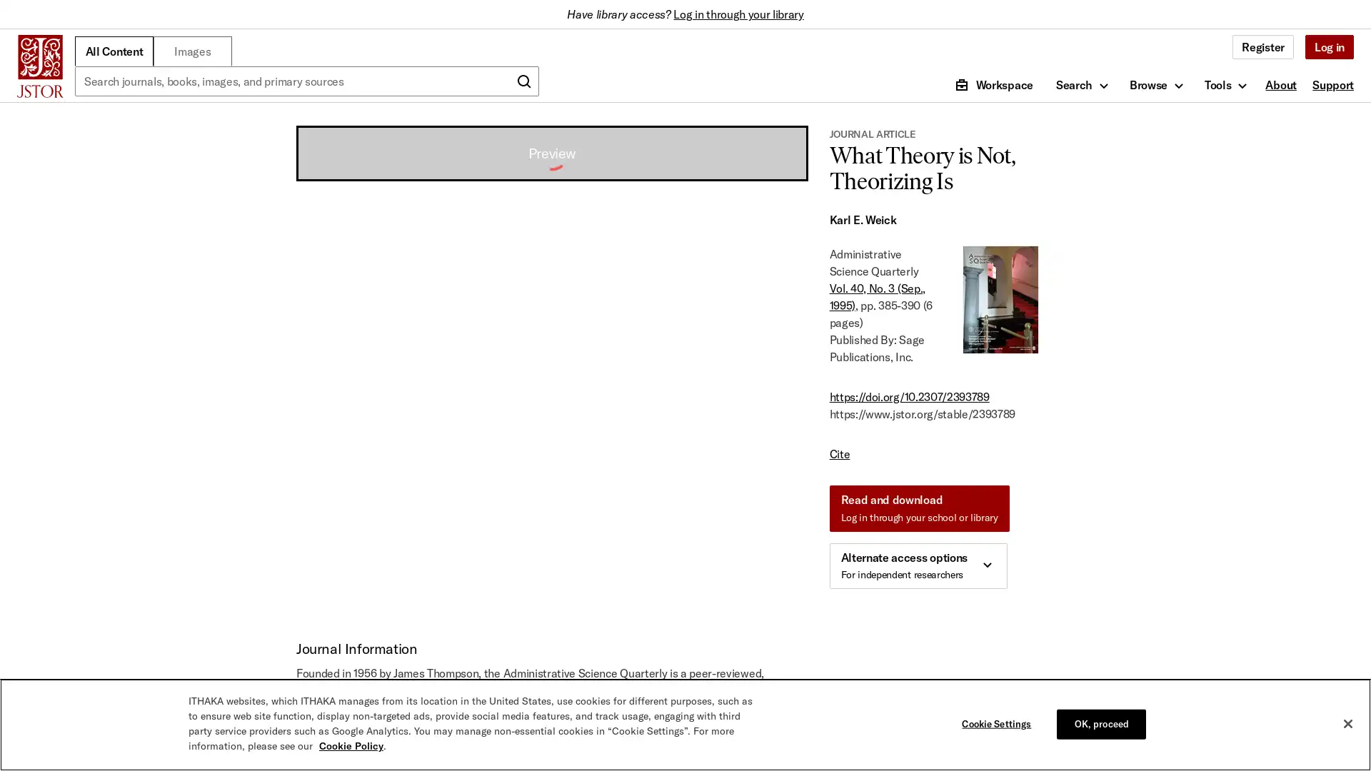 The height and width of the screenshot is (771, 1371). What do you see at coordinates (1328, 46) in the screenshot?
I see `Log in` at bounding box center [1328, 46].